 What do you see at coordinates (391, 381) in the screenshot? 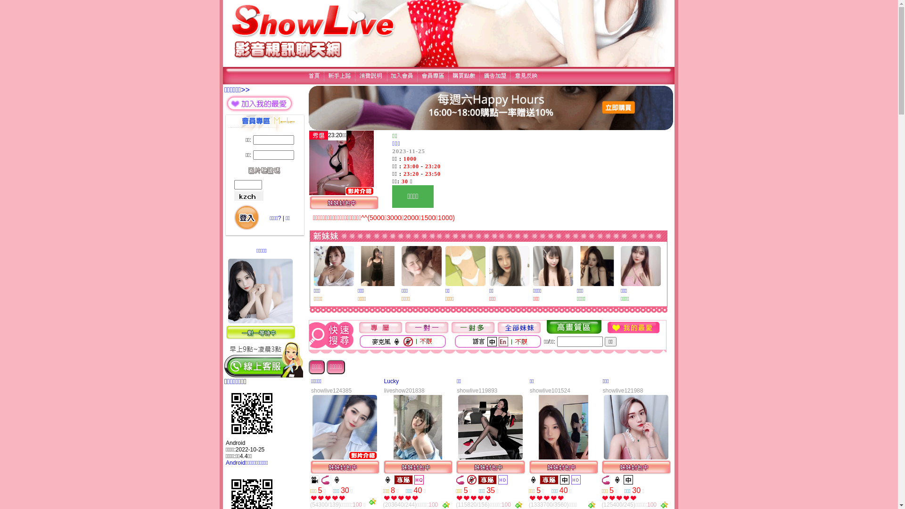
I see `'Lucky'` at bounding box center [391, 381].